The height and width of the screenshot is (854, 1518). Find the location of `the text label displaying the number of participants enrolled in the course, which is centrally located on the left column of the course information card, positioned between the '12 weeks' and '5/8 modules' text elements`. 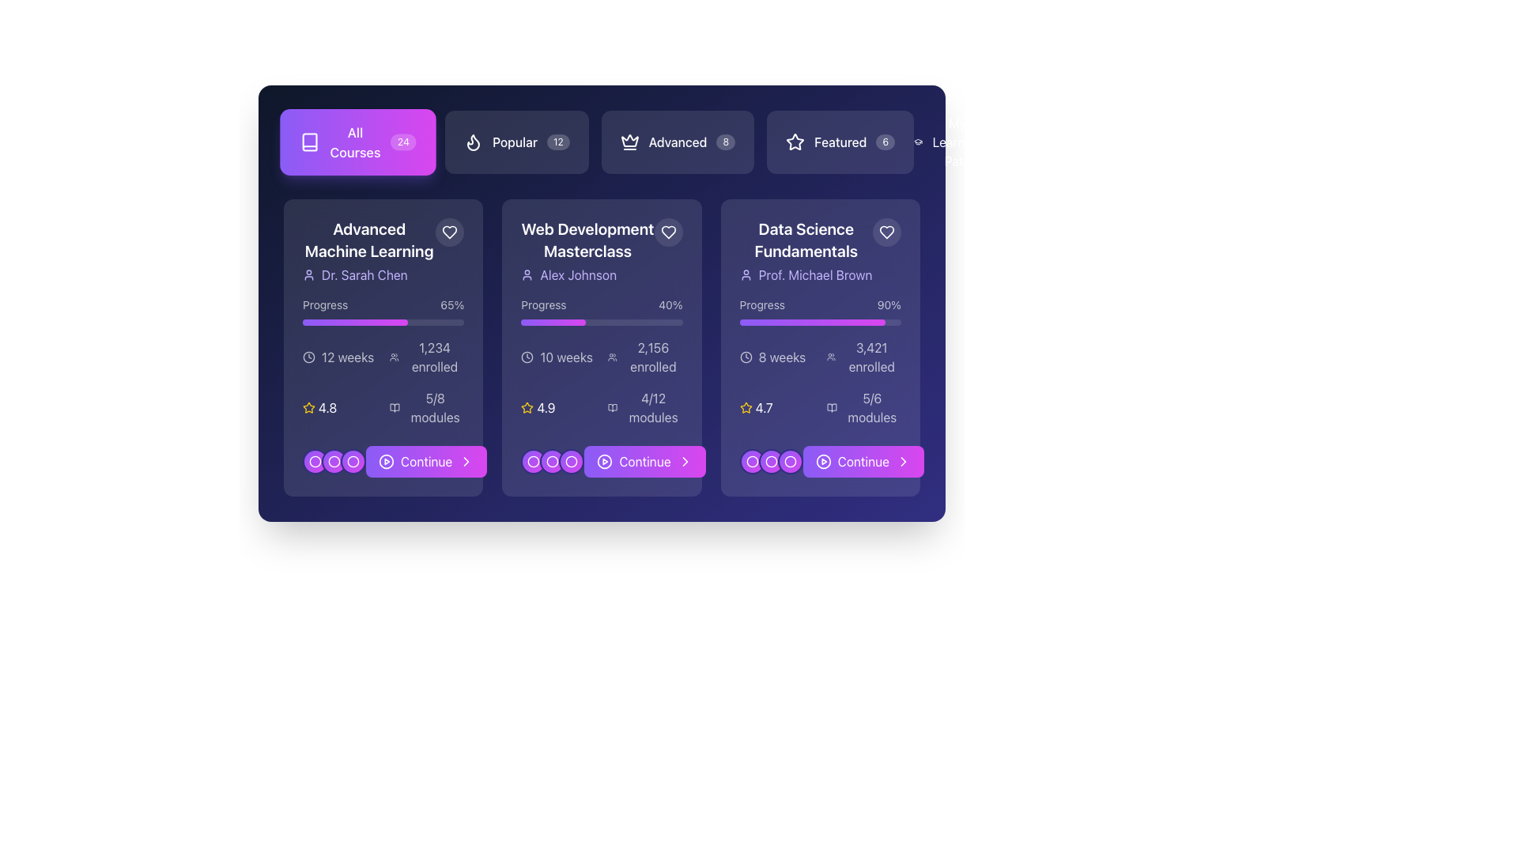

the text label displaying the number of participants enrolled in the course, which is centrally located on the left column of the course information card, positioned between the '12 weeks' and '5/8 modules' text elements is located at coordinates (427, 357).